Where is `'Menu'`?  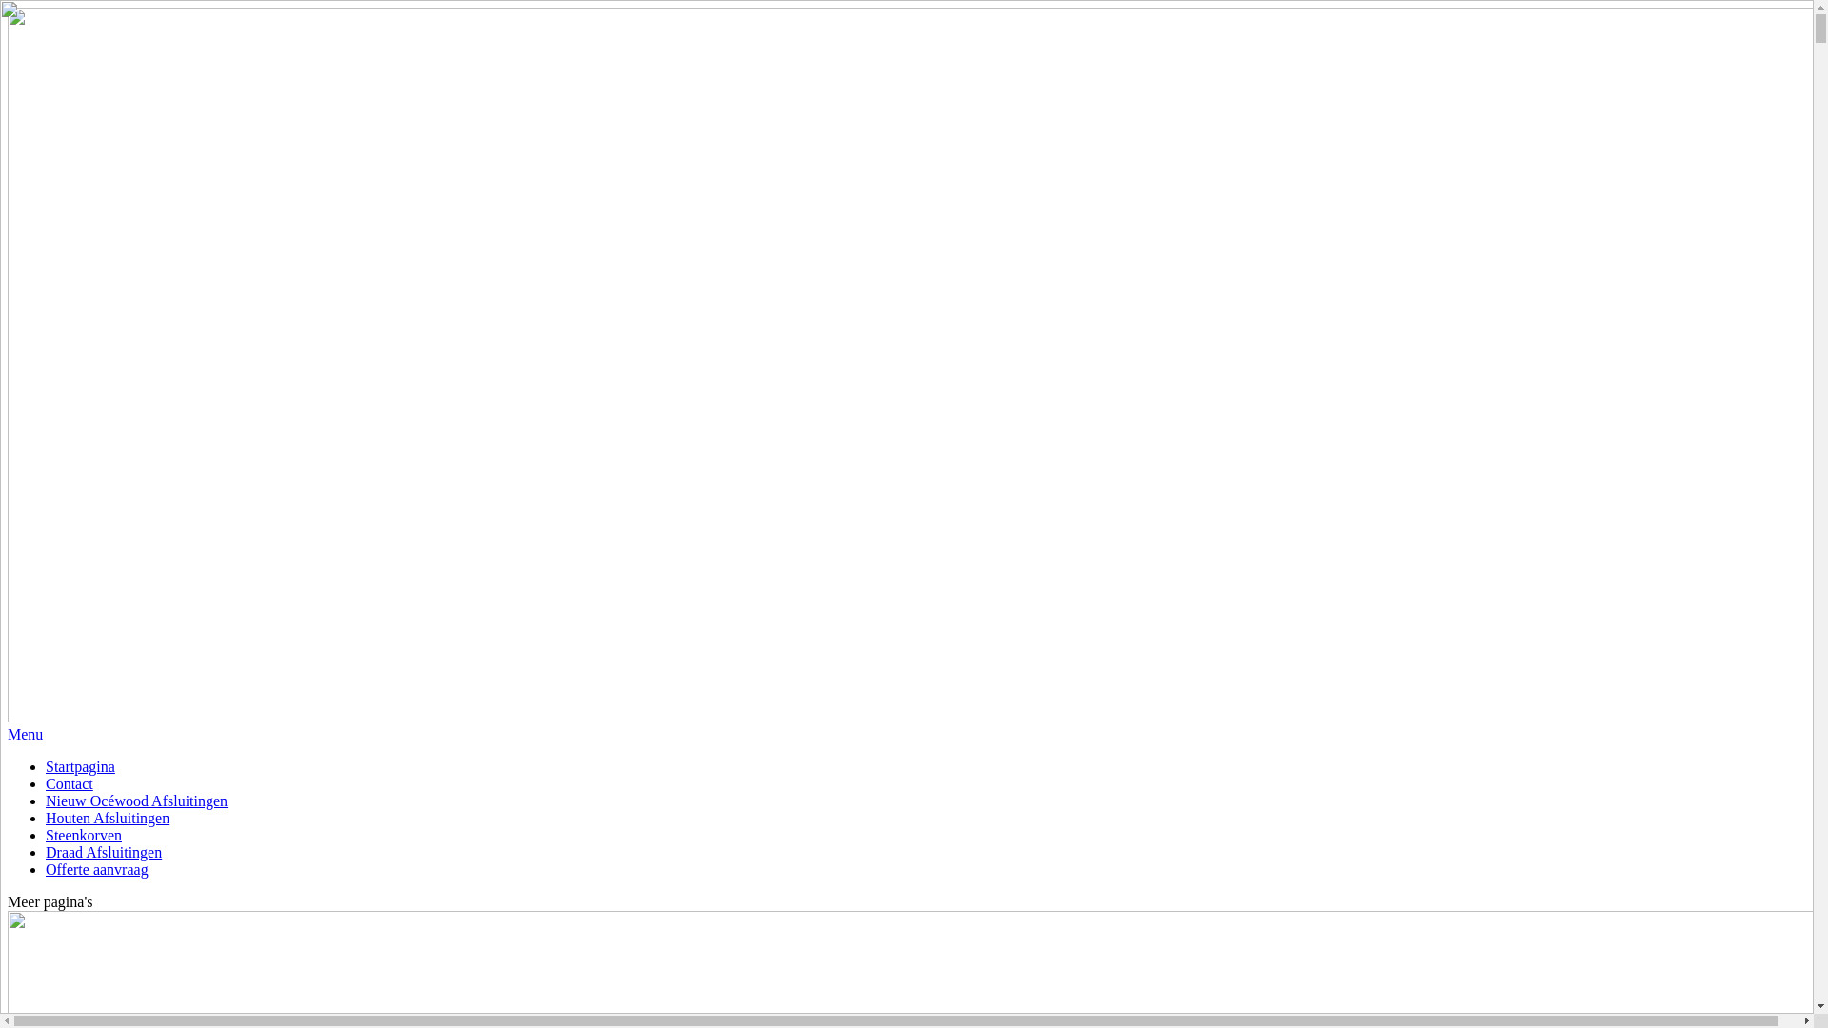 'Menu' is located at coordinates (25, 733).